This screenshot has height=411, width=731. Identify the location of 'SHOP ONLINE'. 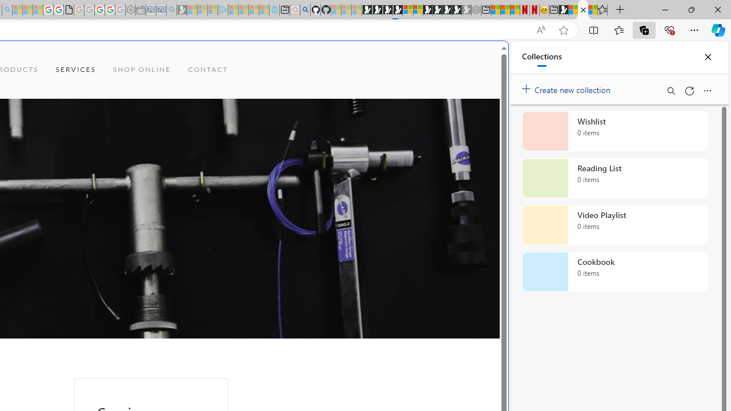
(141, 70).